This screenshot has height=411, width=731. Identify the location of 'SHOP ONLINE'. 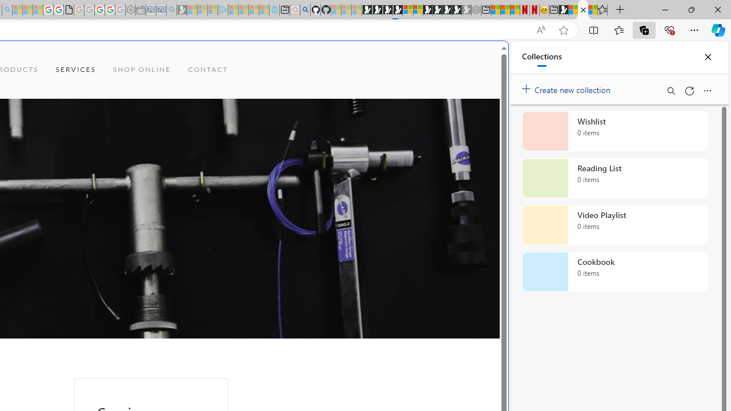
(141, 70).